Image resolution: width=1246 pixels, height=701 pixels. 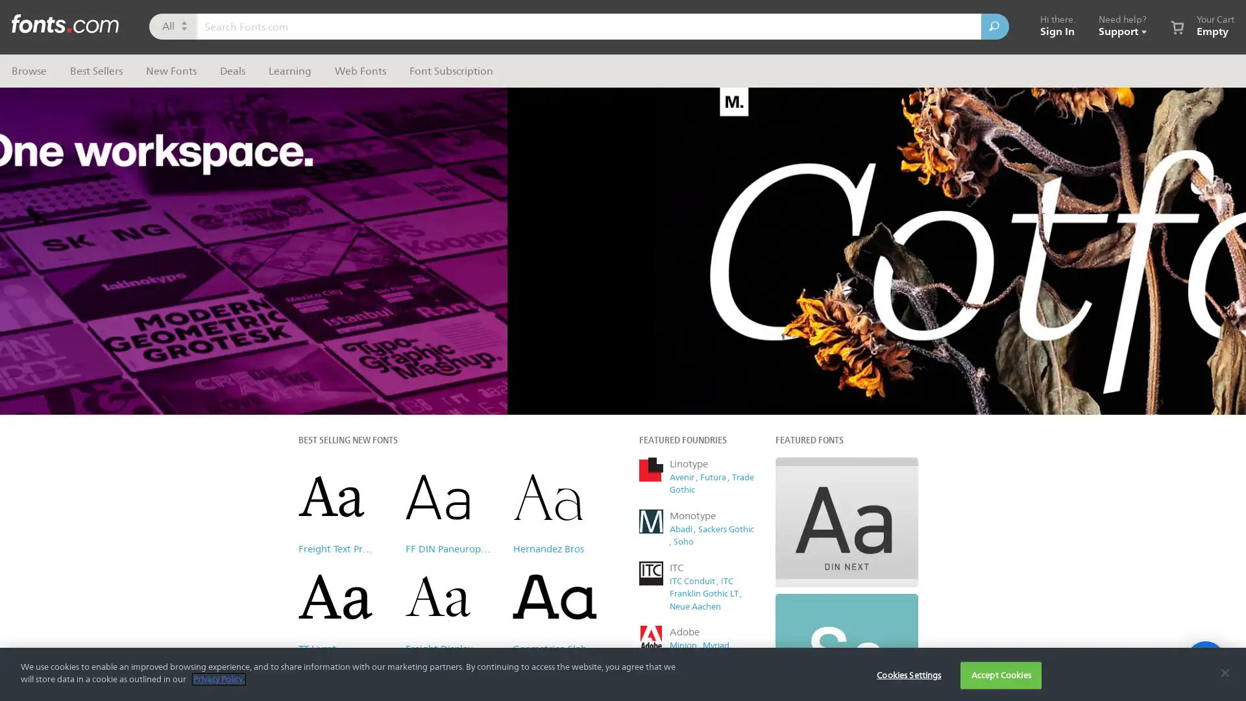 What do you see at coordinates (1000, 674) in the screenshot?
I see `Accept Cookies` at bounding box center [1000, 674].